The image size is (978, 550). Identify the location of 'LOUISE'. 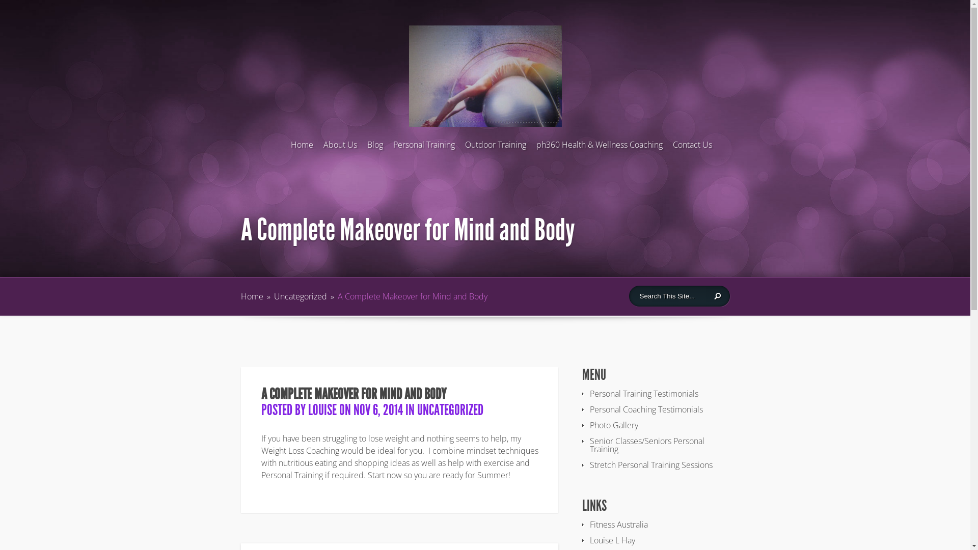
(321, 409).